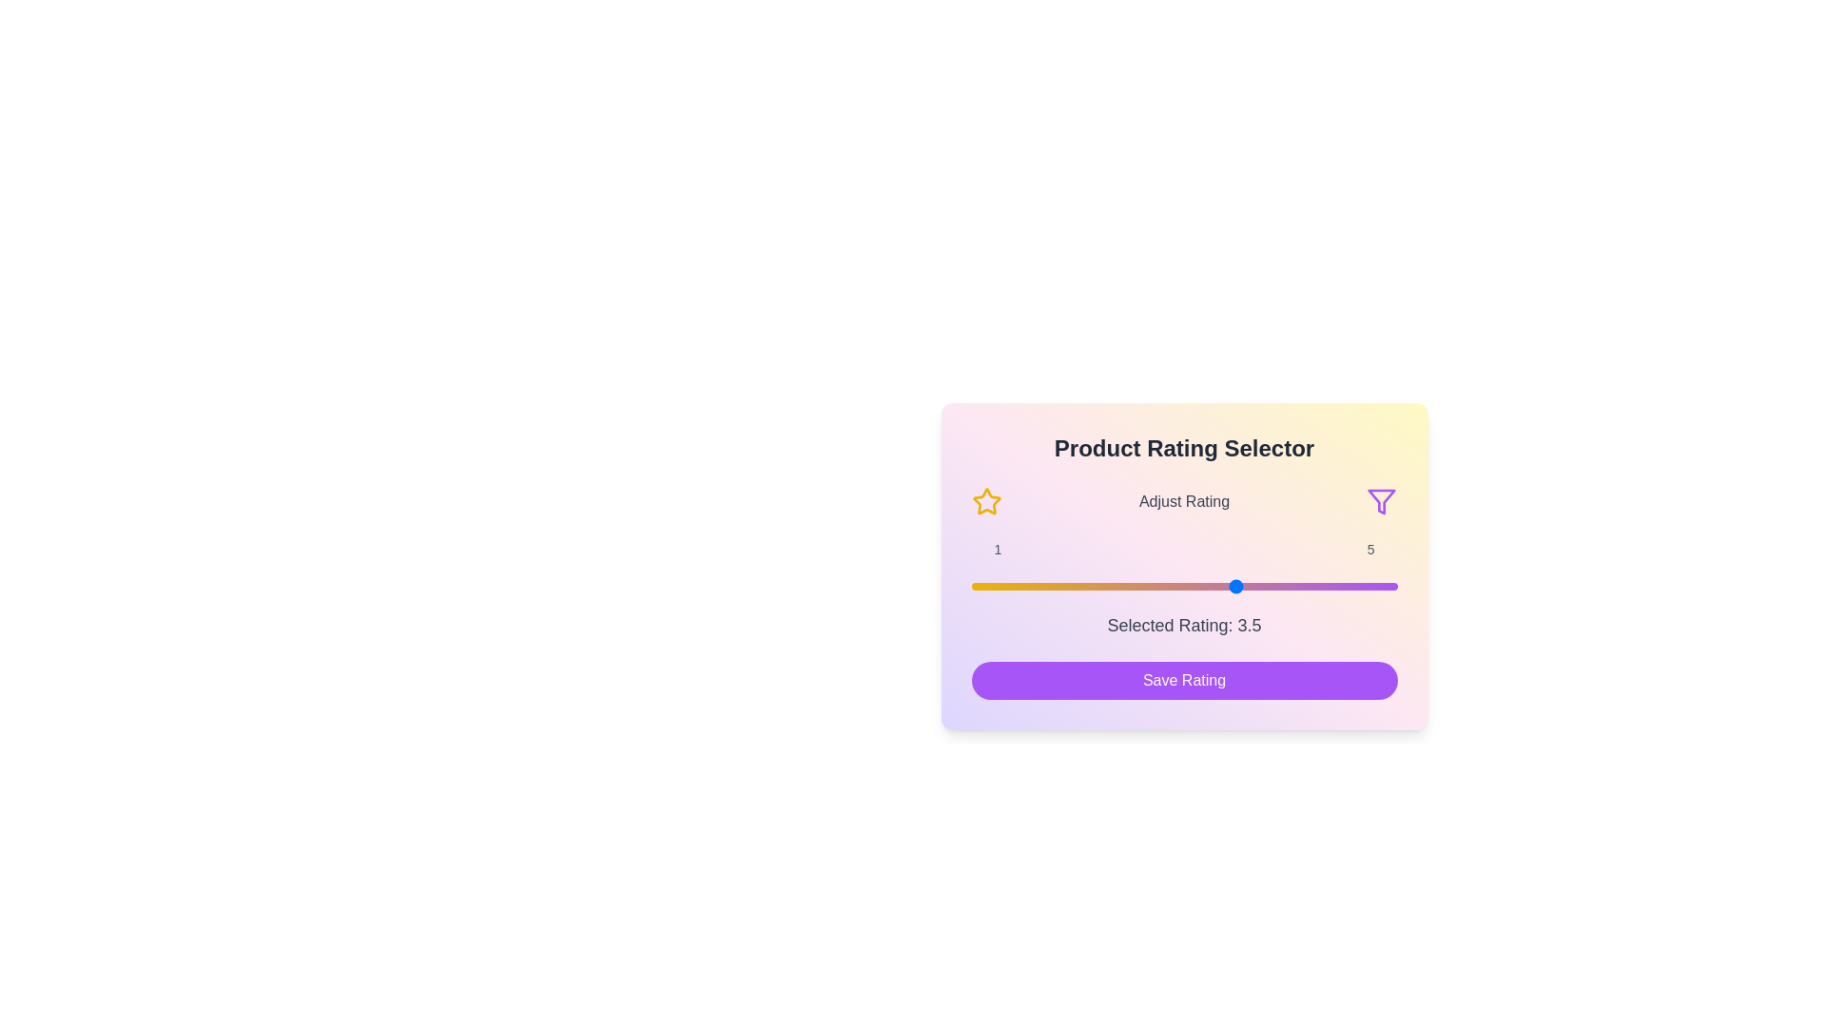 This screenshot has height=1027, width=1826. I want to click on the 'Save Rating' button to confirm the selection, so click(1183, 680).